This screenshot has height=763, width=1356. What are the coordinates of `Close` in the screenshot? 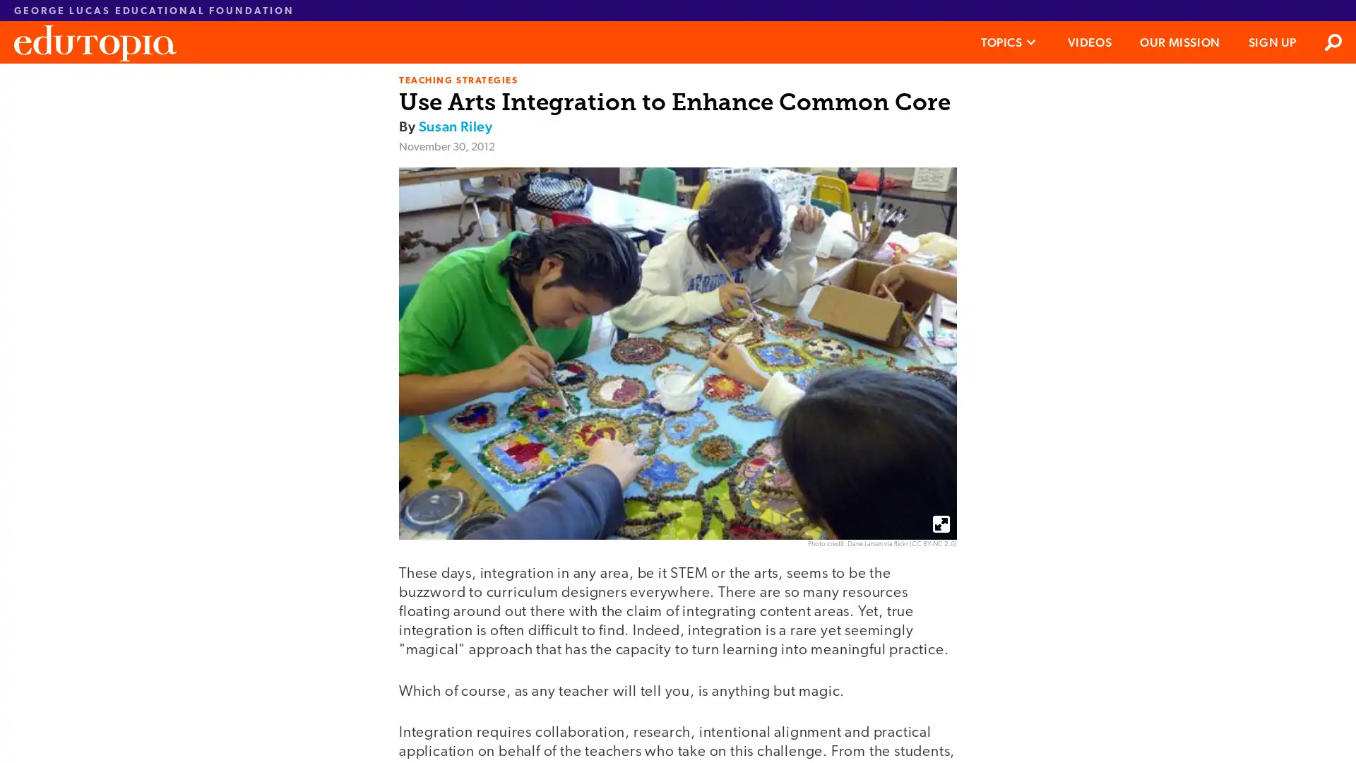 It's located at (867, 84).